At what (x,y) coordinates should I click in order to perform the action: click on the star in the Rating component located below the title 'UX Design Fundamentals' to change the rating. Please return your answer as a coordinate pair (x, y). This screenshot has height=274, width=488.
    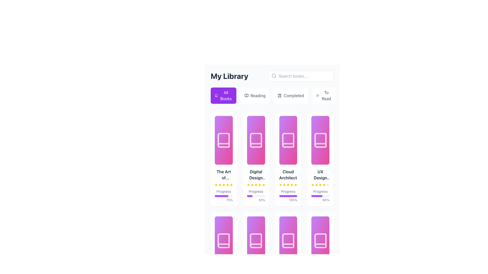
    Looking at the image, I should click on (320, 185).